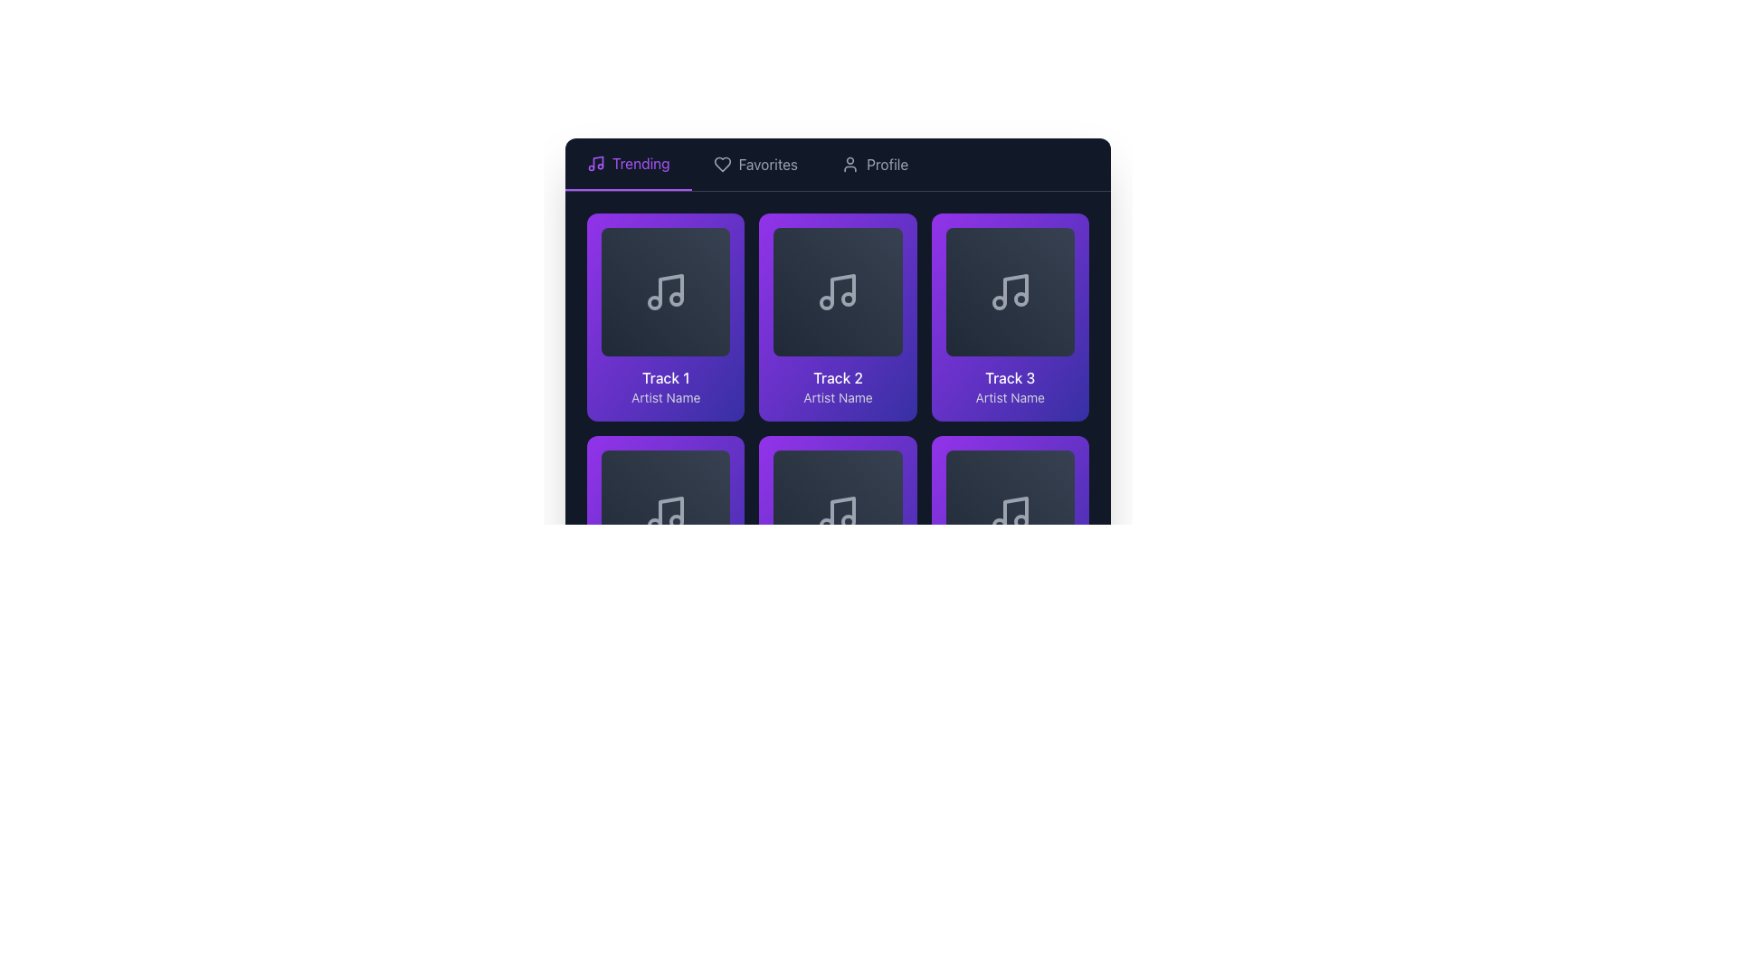 This screenshot has height=977, width=1737. Describe the element at coordinates (837, 377) in the screenshot. I see `the text labeled 'Track 2' which is displayed in white font on a purple gradient background inside a rounded rectangular card, positioned beneath a music icon` at that location.